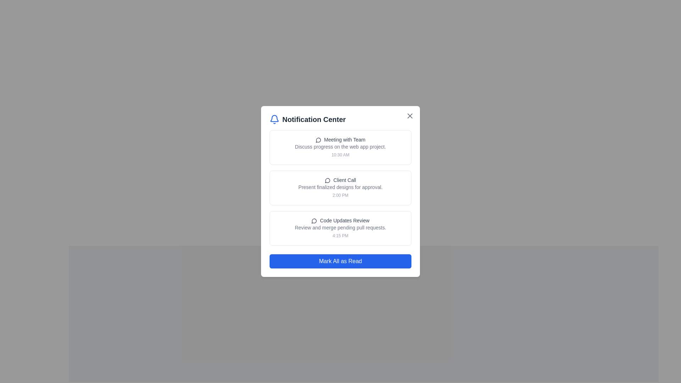 The height and width of the screenshot is (383, 681). Describe the element at coordinates (274, 119) in the screenshot. I see `the bell icon with a blue outline located next to the 'Notification Center' text label at the top left corner of the modal` at that location.